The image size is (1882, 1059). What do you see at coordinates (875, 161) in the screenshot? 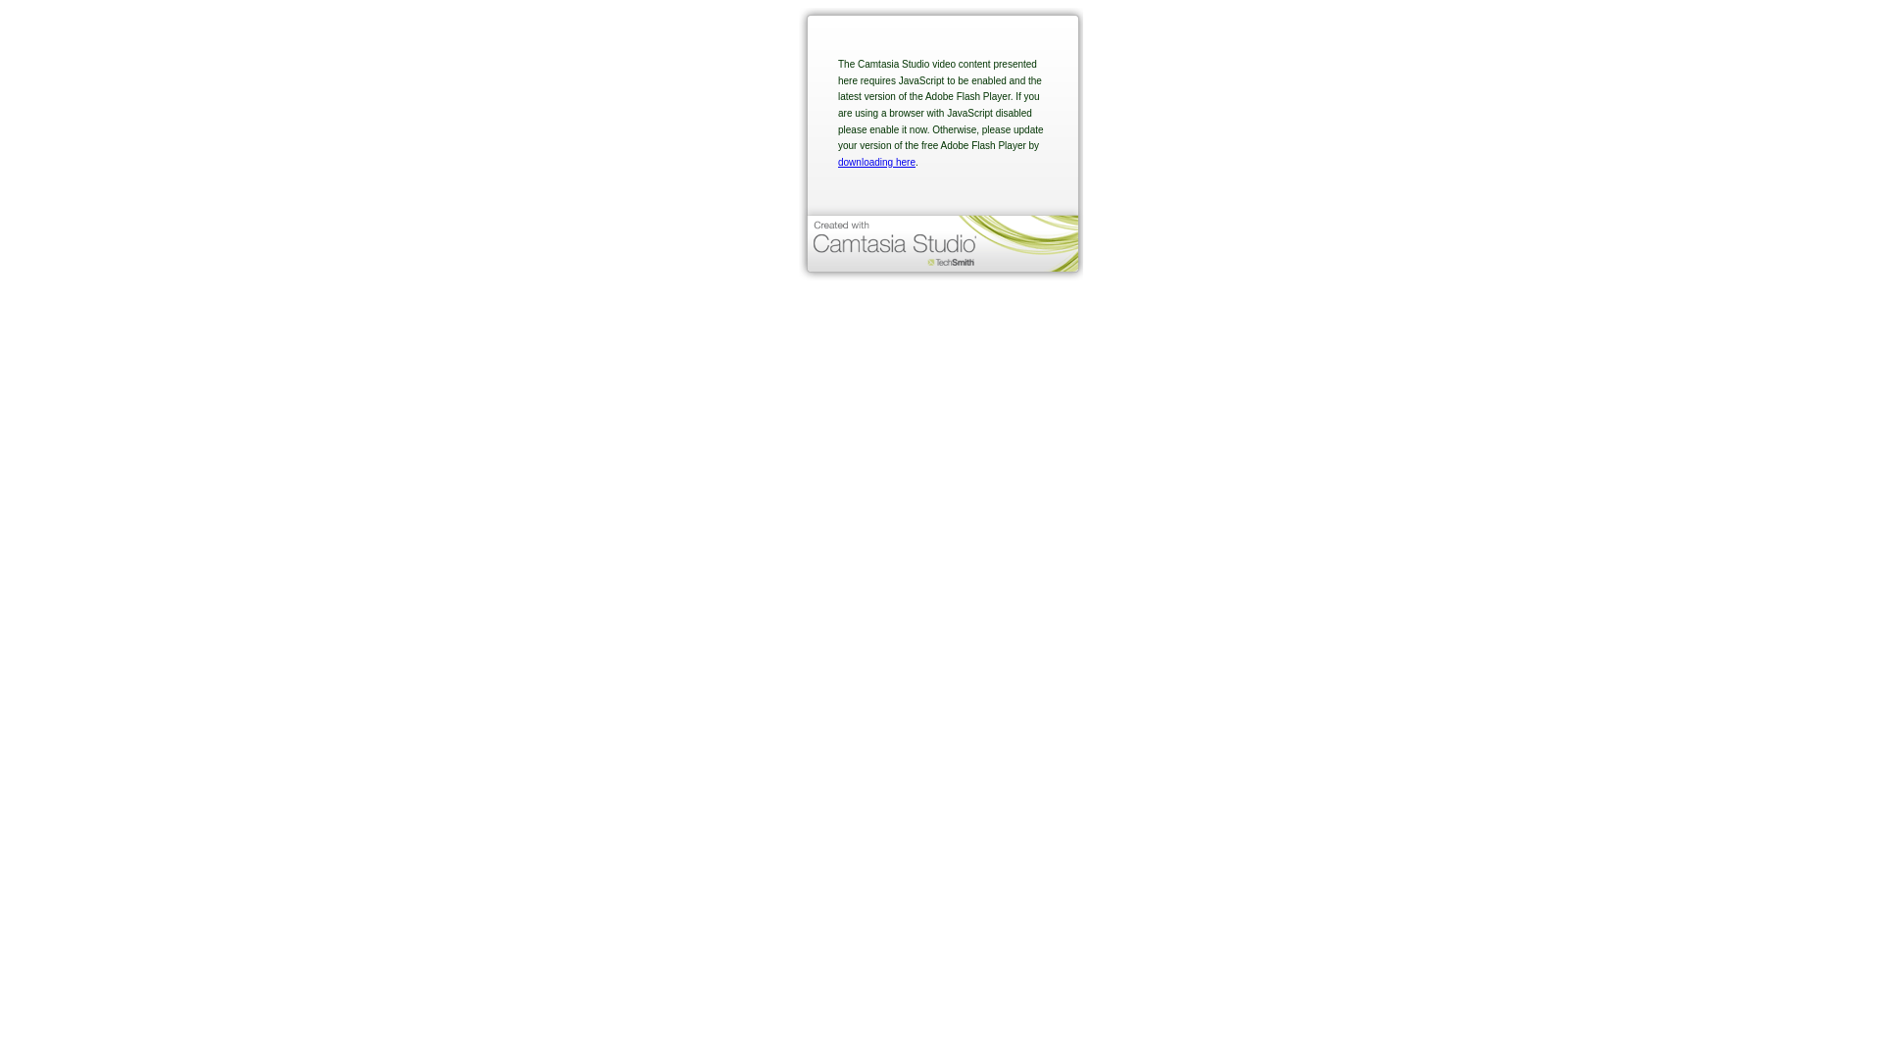
I see `'downloading here'` at bounding box center [875, 161].